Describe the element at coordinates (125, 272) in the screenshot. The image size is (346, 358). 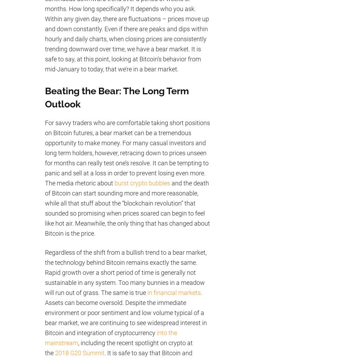
I see `'Regardless of the shift from a bullish trend to a bear market, the technology behind Bitcoin remains exactly the same. Rapid growth over a short period of time is generally not sustainable in any system. Too many bunnies in a meadow will run out of grass. The same is true'` at that location.